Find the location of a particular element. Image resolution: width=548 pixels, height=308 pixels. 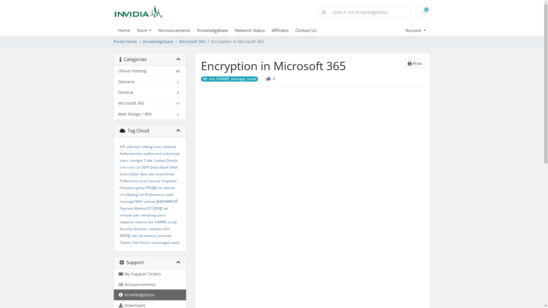

'ios' is located at coordinates (160, 188).